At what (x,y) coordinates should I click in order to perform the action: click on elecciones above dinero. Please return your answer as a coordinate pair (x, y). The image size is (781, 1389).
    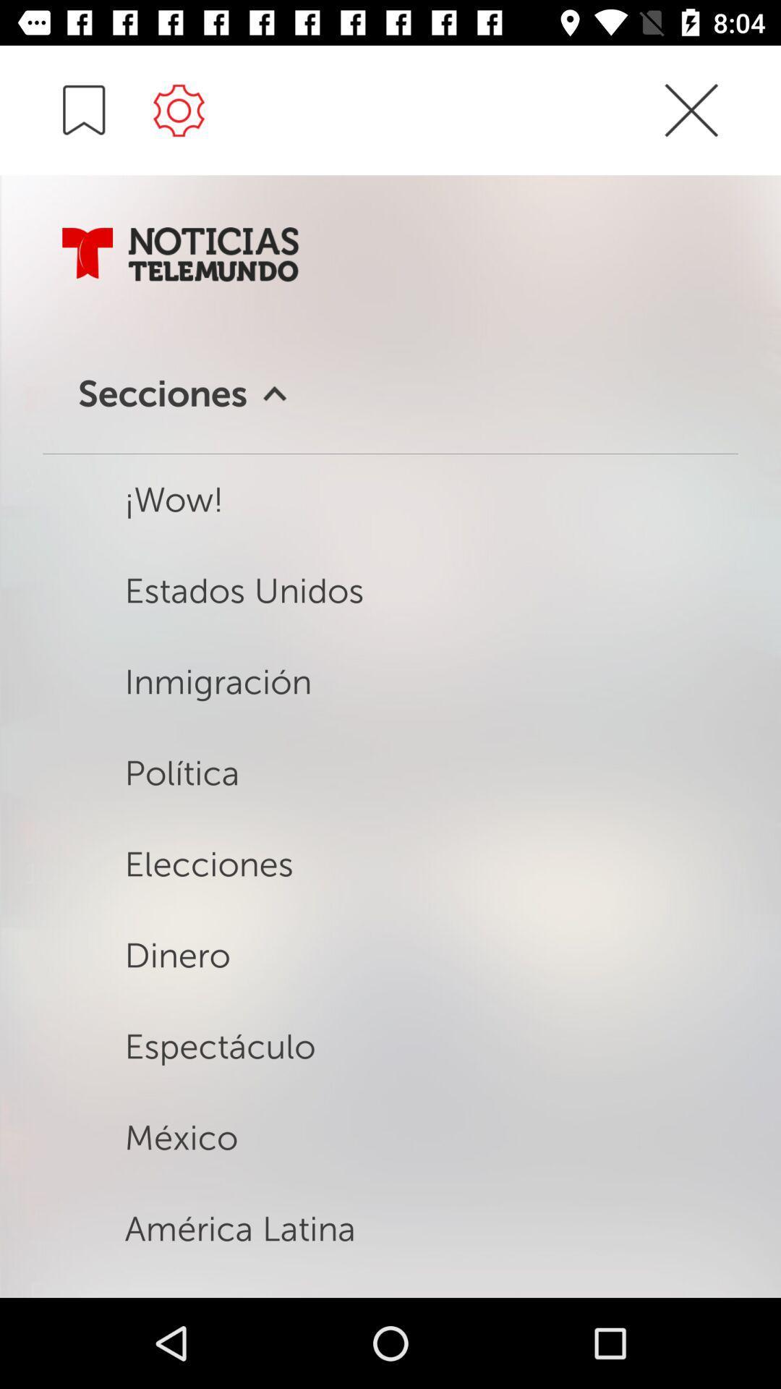
    Looking at the image, I should click on (278, 847).